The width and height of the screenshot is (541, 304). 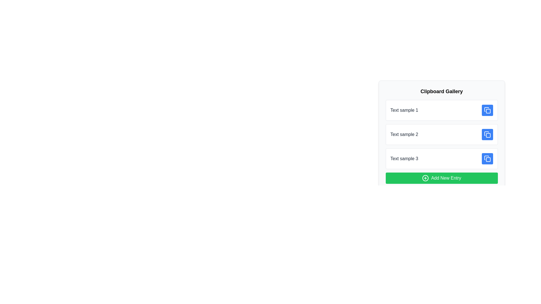 What do you see at coordinates (487, 135) in the screenshot?
I see `the 'copy' button, which is the second button in a vertical group adjacent to 'Text sample 2'` at bounding box center [487, 135].